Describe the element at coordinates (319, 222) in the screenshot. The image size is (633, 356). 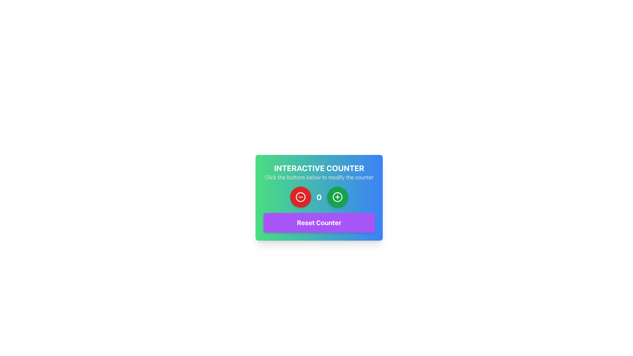
I see `the 'Reset Counter' button, which is a prominent rectangular button with rounded corners, purple background, and white bold text, located at the bottom-center of the card interface` at that location.